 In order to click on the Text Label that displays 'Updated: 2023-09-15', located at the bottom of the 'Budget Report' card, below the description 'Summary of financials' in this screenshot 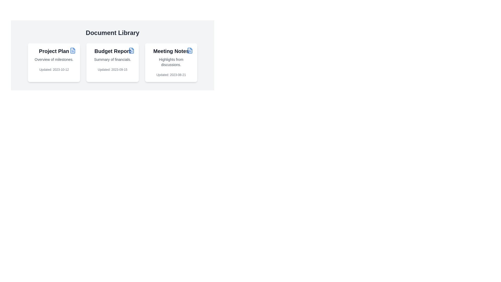, I will do `click(112, 69)`.